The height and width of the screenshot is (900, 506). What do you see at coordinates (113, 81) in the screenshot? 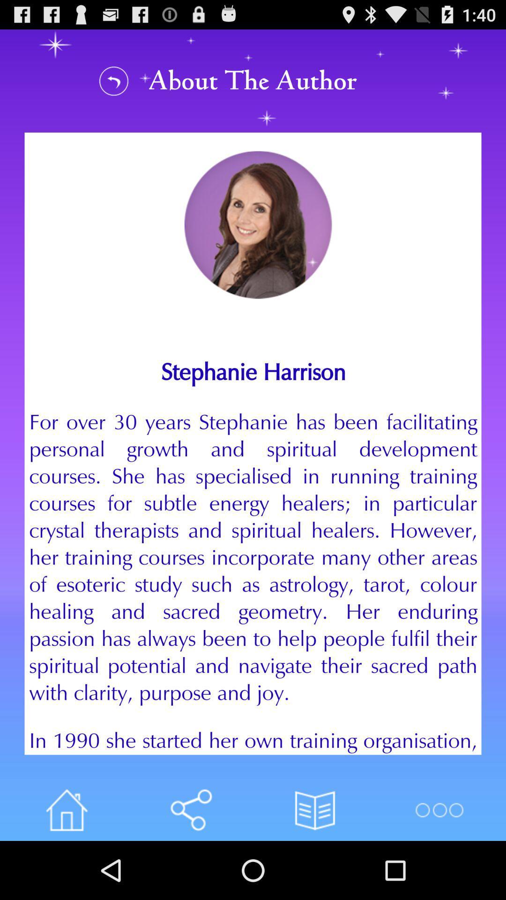
I see `go back` at bounding box center [113, 81].